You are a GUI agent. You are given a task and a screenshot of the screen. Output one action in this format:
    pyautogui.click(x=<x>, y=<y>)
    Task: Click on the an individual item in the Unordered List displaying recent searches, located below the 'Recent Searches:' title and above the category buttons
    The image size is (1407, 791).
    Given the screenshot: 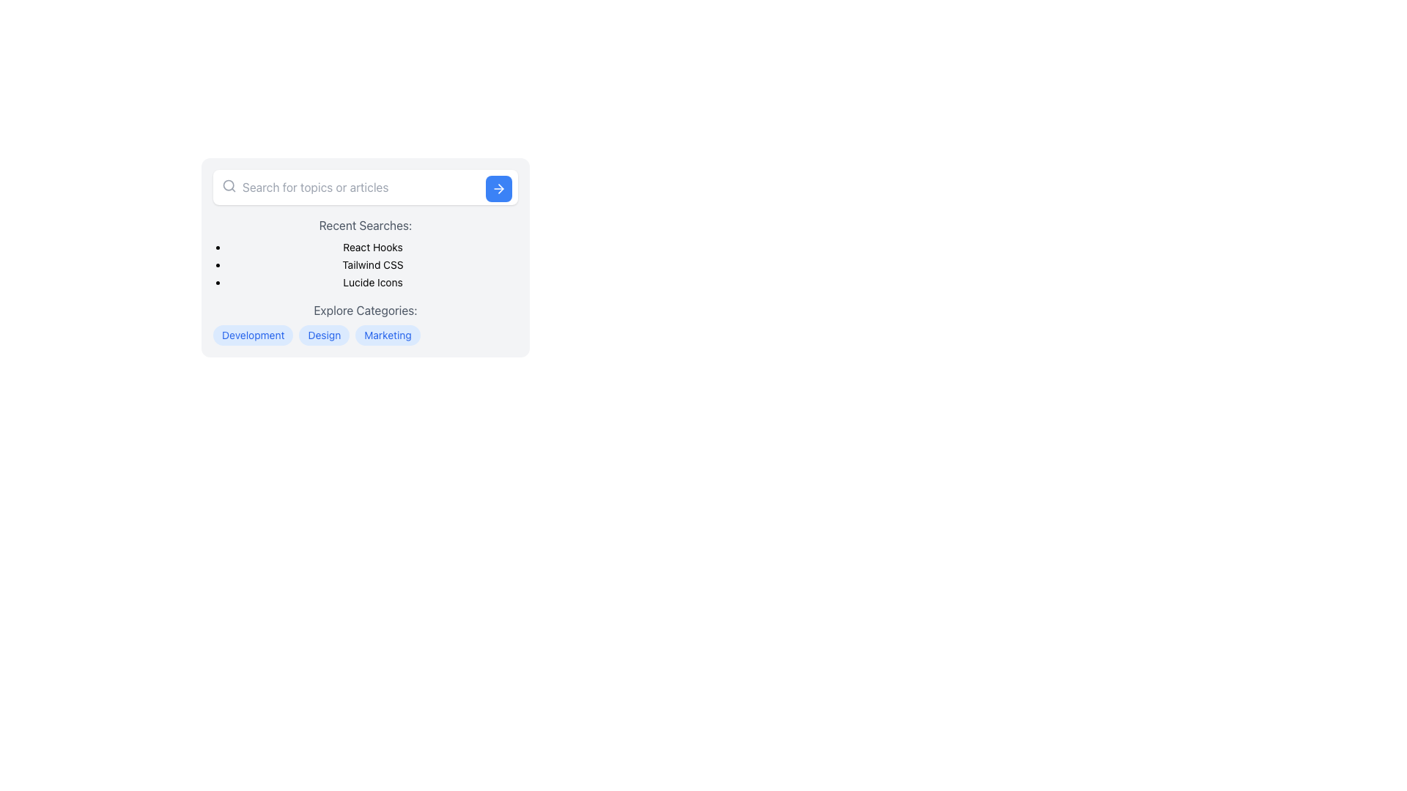 What is the action you would take?
    pyautogui.click(x=366, y=265)
    